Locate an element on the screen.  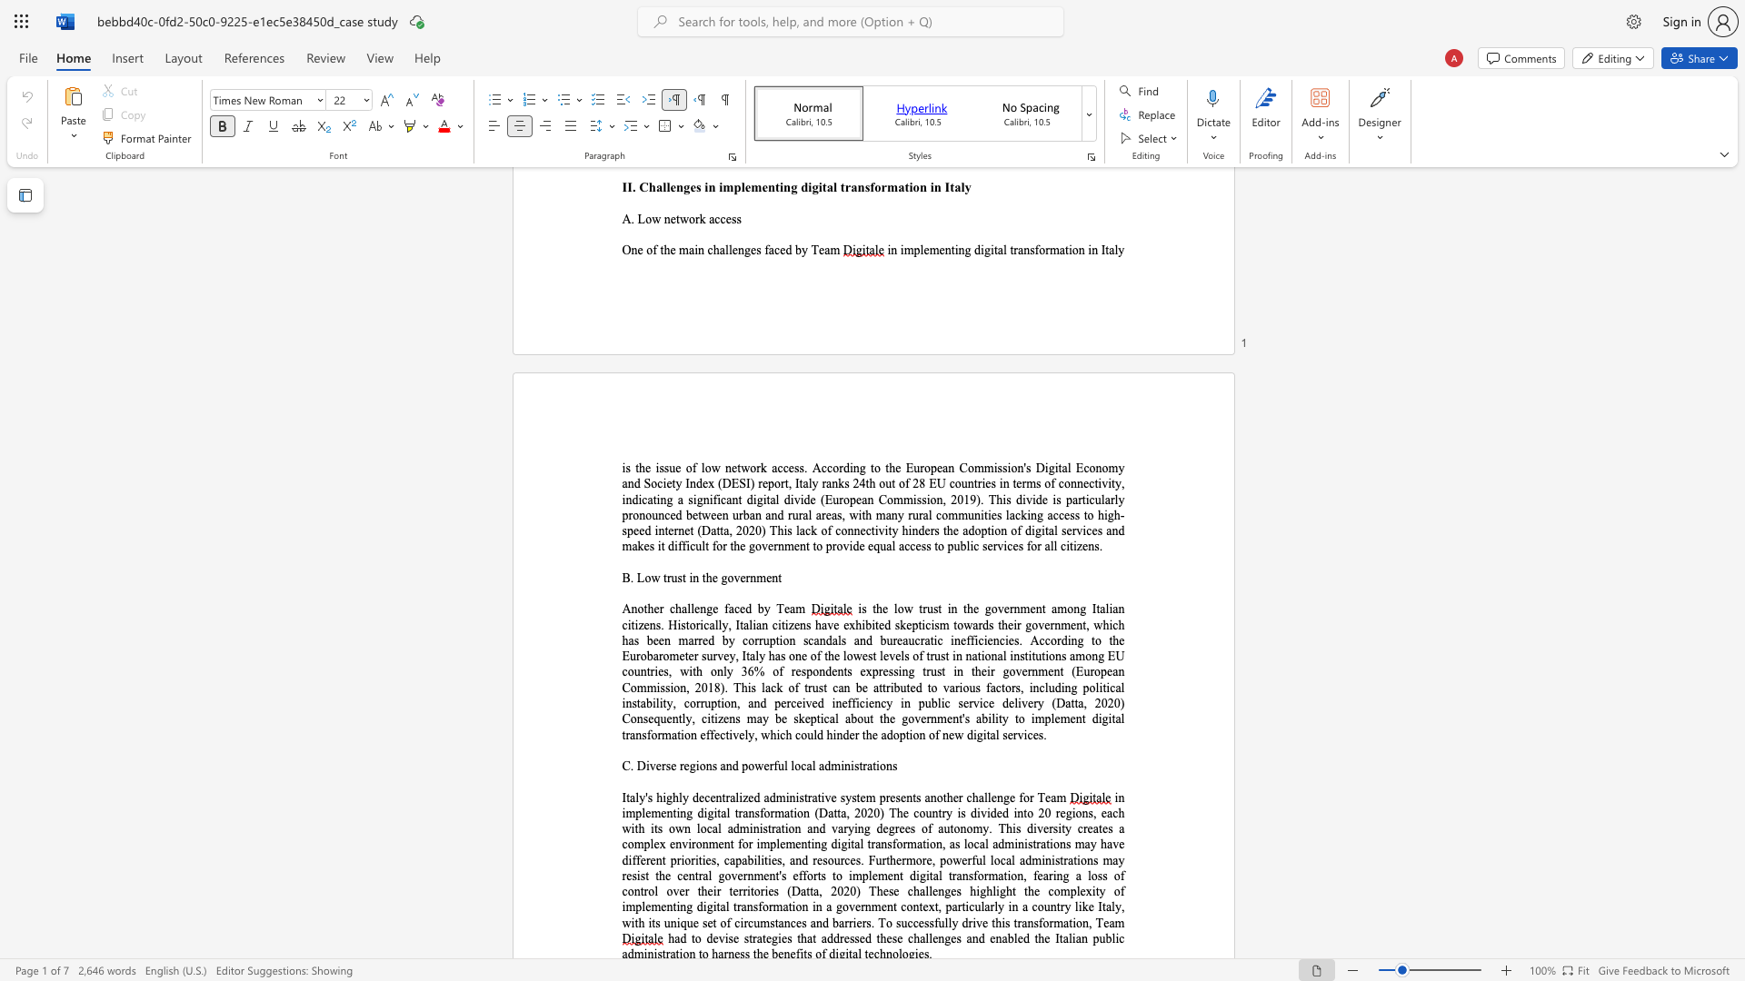
the subset text "ntr" within the text "Italy" is located at coordinates (714, 797).